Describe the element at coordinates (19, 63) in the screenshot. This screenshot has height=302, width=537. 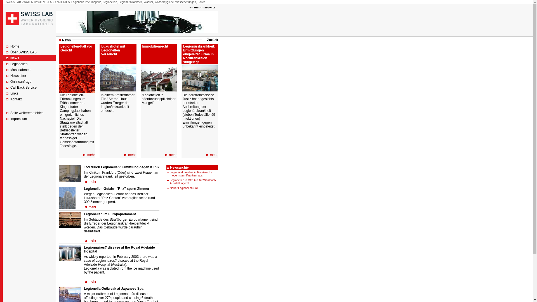
I see `'Legionellen'` at that location.